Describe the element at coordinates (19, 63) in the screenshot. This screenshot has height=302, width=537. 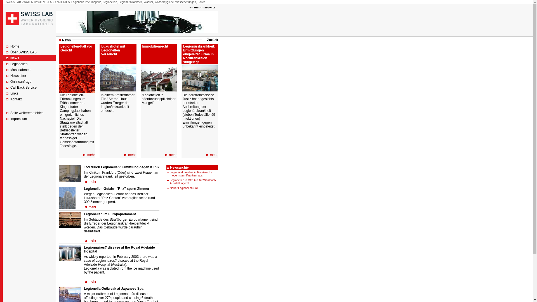
I see `'Legionellen'` at that location.